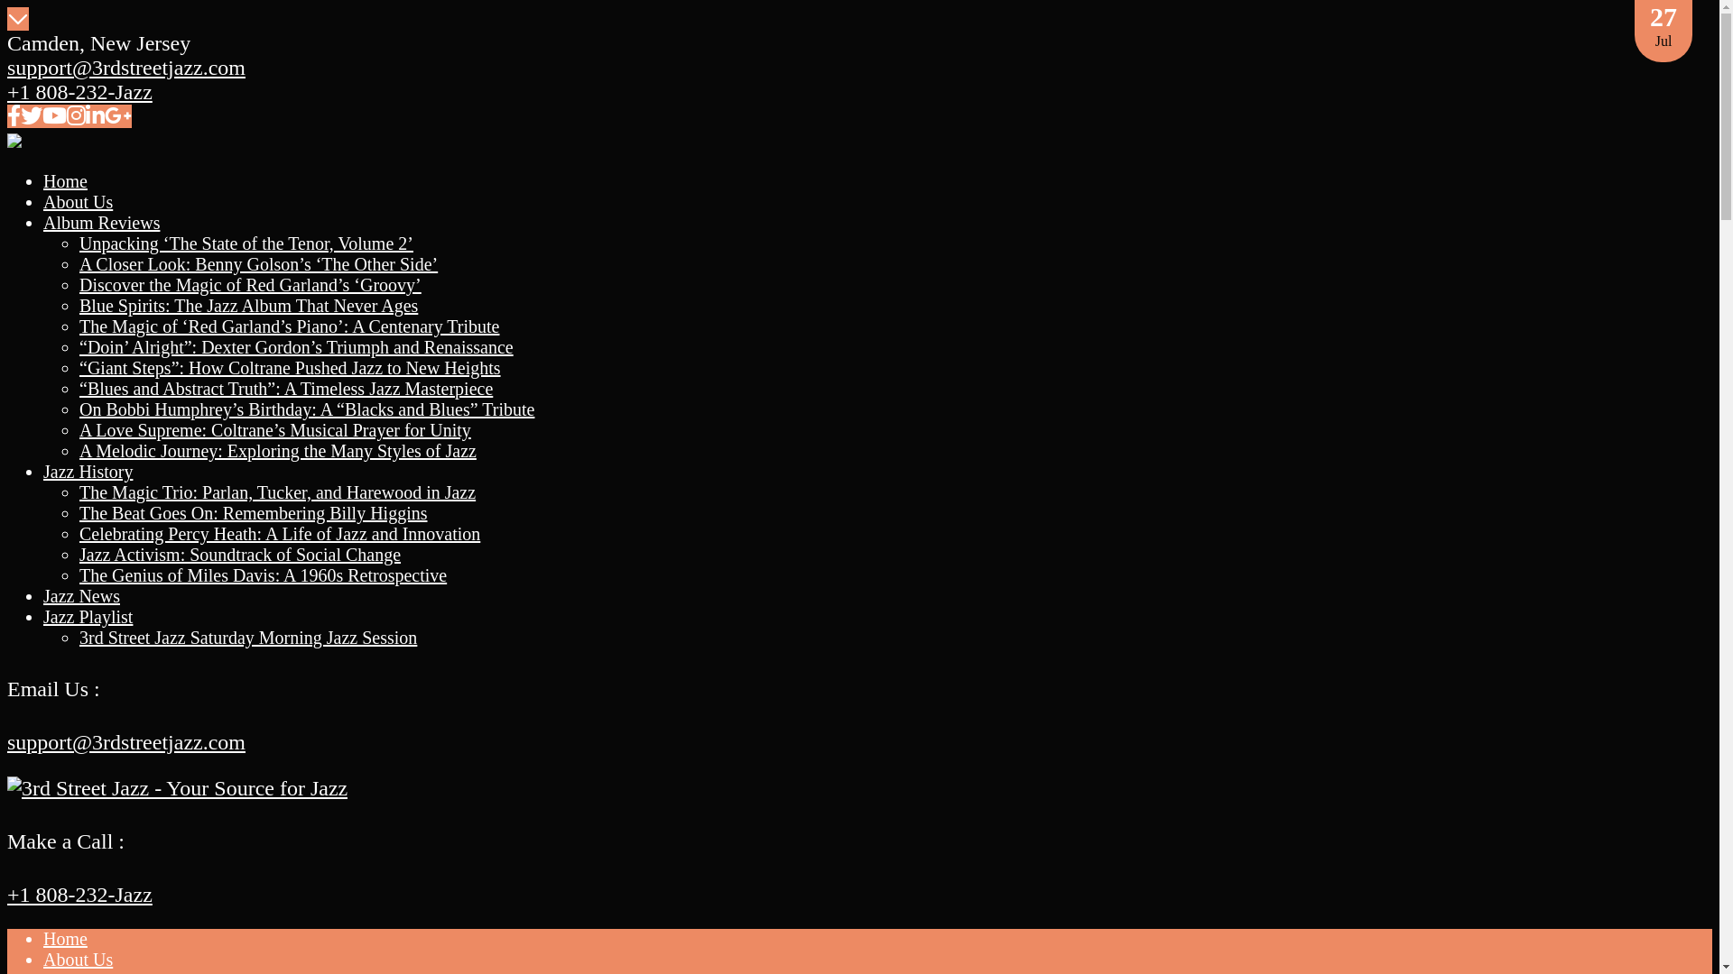 The width and height of the screenshot is (1733, 974). What do you see at coordinates (276, 492) in the screenshot?
I see `'The Magic Trio: Parlan, Tucker, and Harewood in Jazz'` at bounding box center [276, 492].